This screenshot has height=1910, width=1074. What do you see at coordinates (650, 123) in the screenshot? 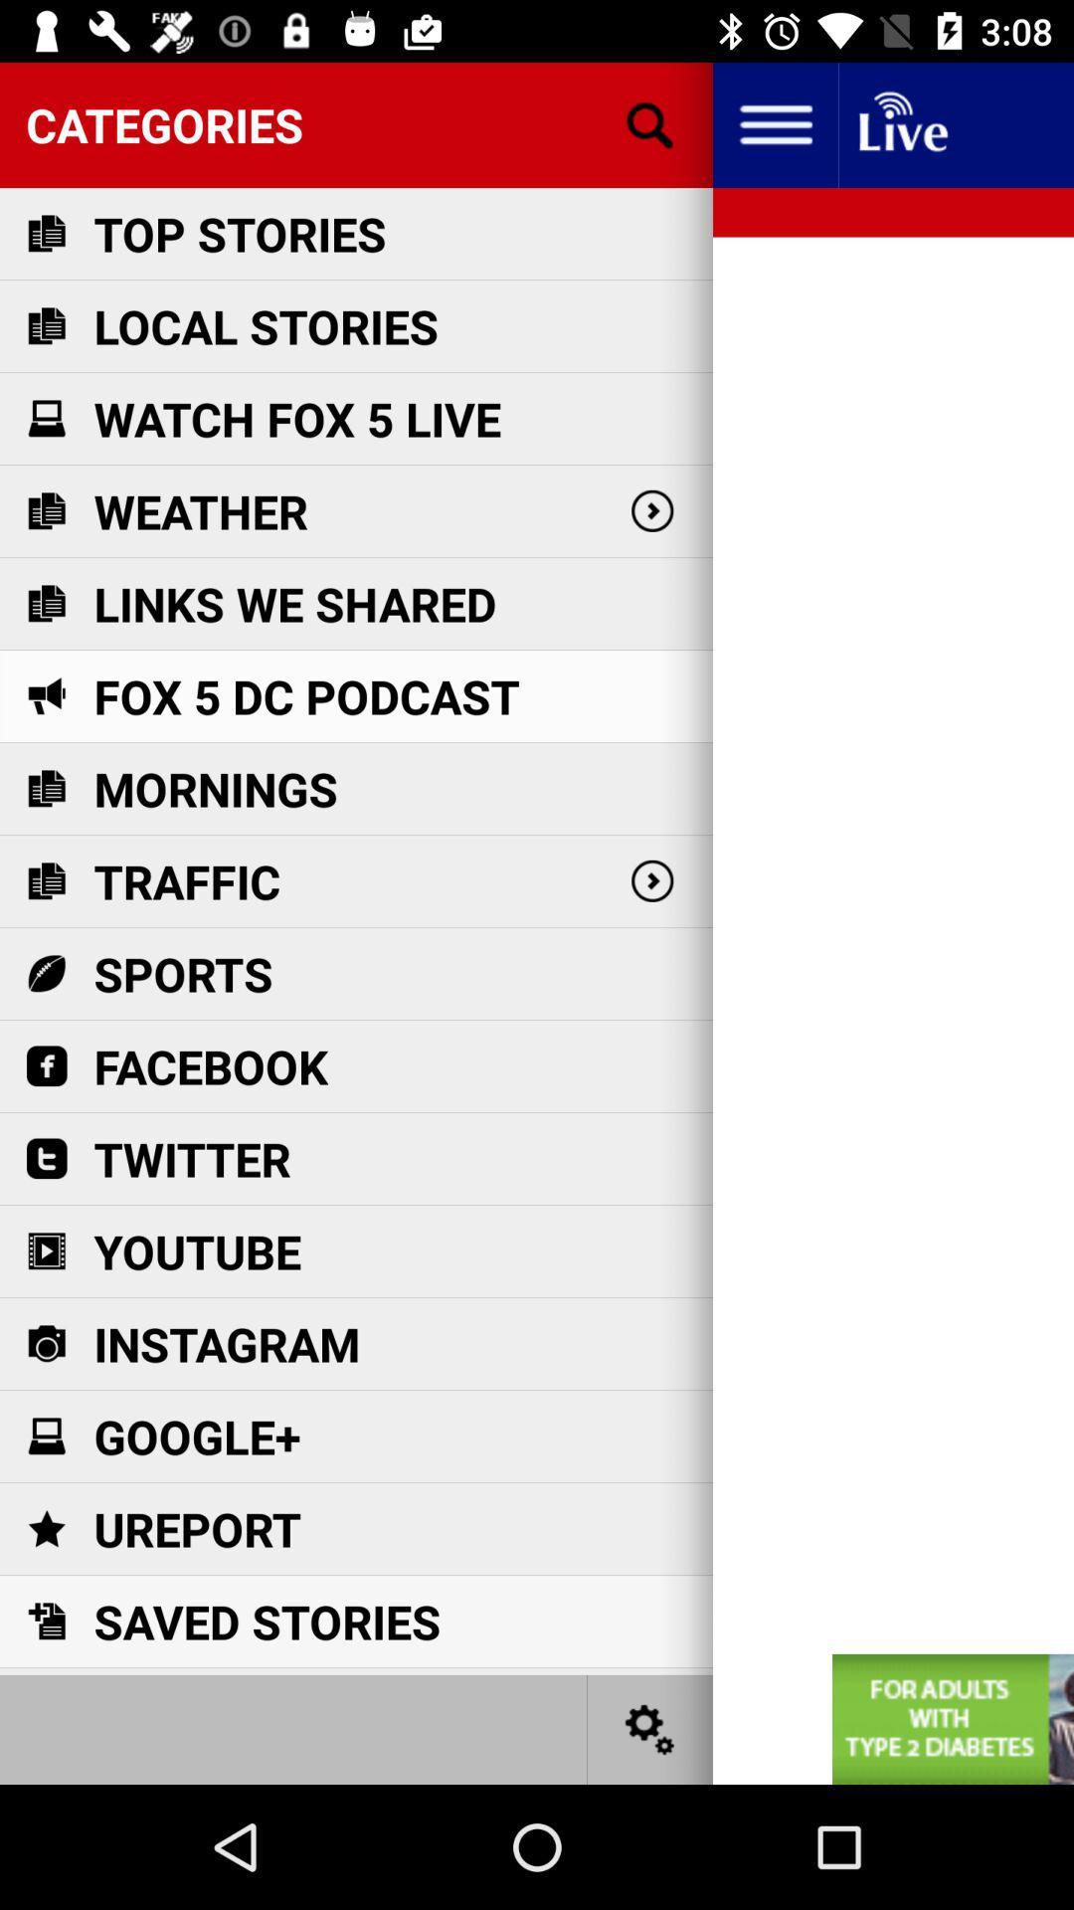
I see `the search icon` at bounding box center [650, 123].